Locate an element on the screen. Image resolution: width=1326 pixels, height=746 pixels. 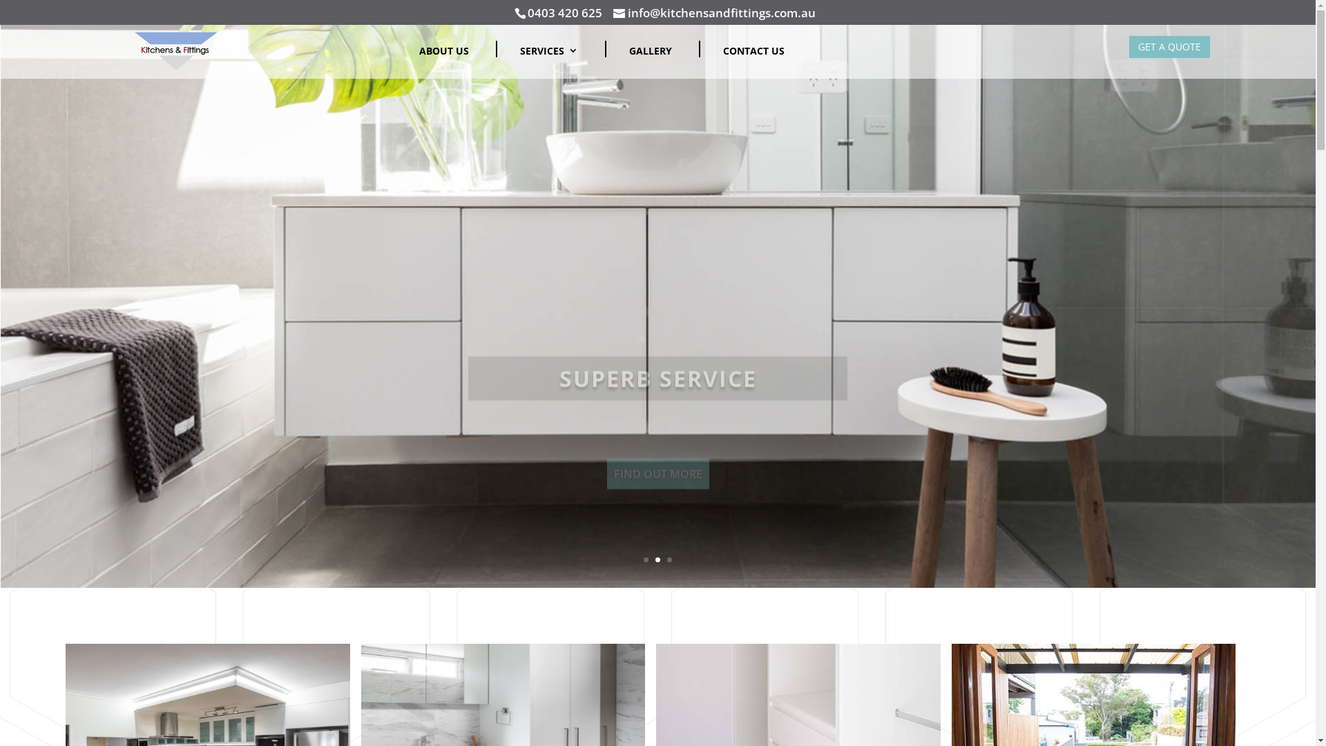
'GALLERY' is located at coordinates (628, 61).